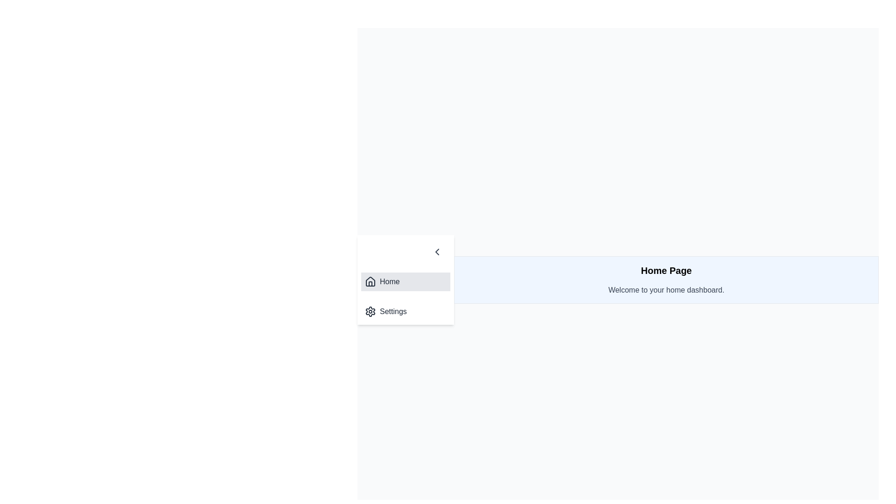  Describe the element at coordinates (437, 252) in the screenshot. I see `the left-facing chevron icon` at that location.